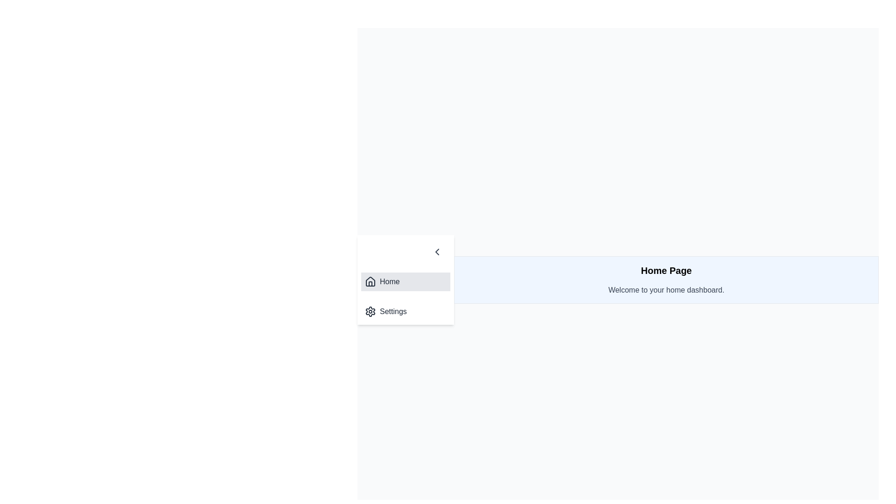  Describe the element at coordinates (437, 252) in the screenshot. I see `the left-facing chevron icon` at that location.